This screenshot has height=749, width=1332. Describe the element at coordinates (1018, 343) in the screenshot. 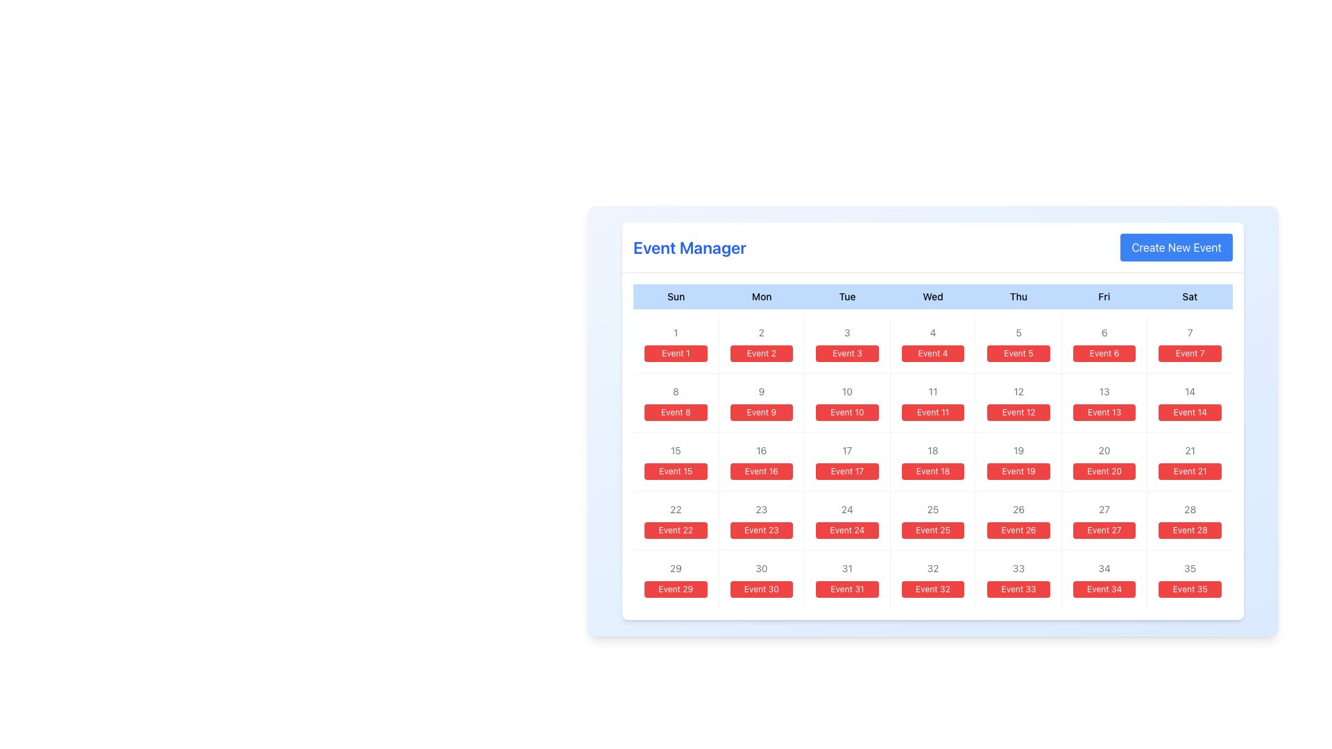

I see `the interactive block for event details located in the calendar grid under the 'Thu' column, representing the 5th day of the month, for navigation purposes` at that location.